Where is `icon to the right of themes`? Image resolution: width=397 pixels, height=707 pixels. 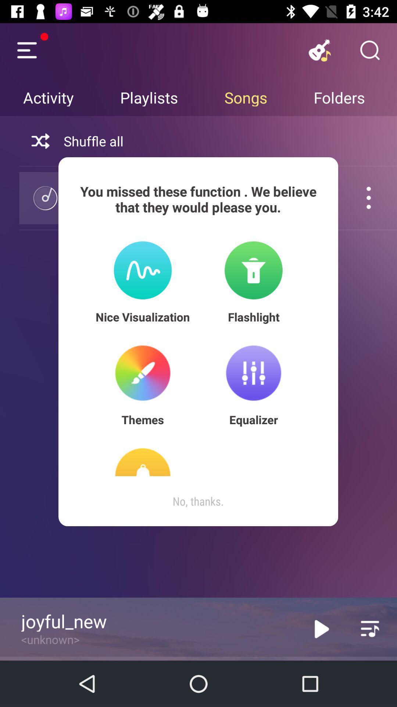 icon to the right of themes is located at coordinates (253, 419).